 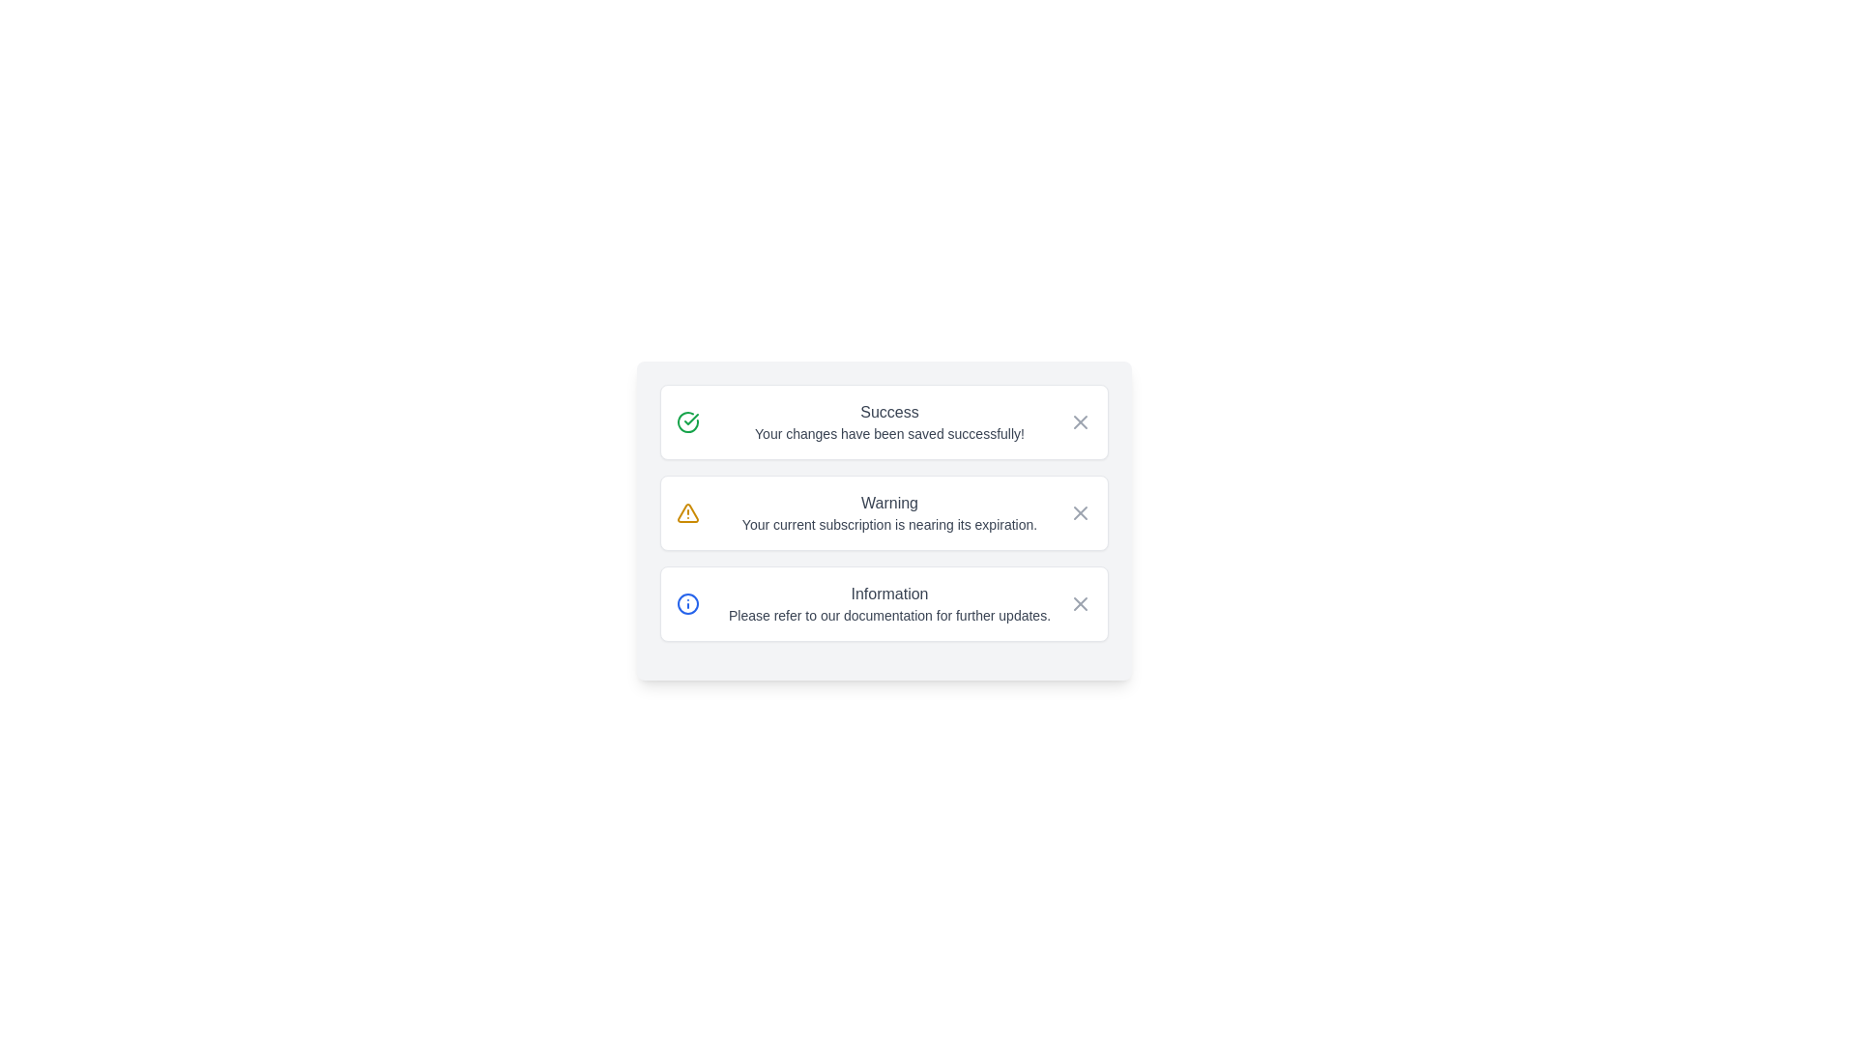 What do you see at coordinates (888, 502) in the screenshot?
I see `the bold text label 'Warning'` at bounding box center [888, 502].